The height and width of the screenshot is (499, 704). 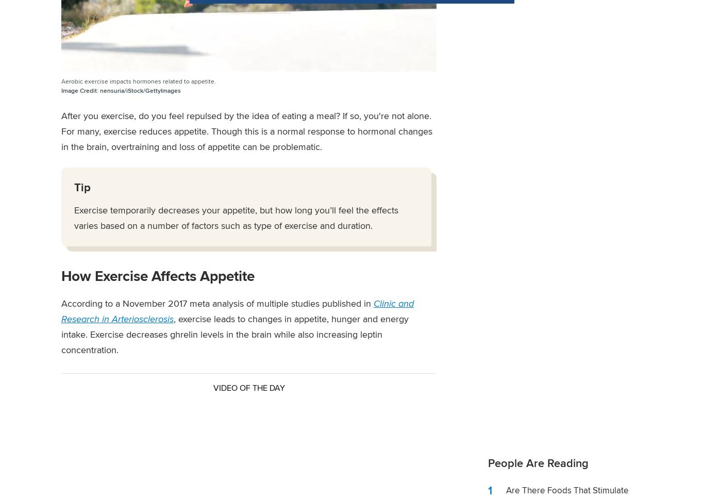 What do you see at coordinates (140, 90) in the screenshot?
I see `'nensuria/iStock/GettyImages'` at bounding box center [140, 90].